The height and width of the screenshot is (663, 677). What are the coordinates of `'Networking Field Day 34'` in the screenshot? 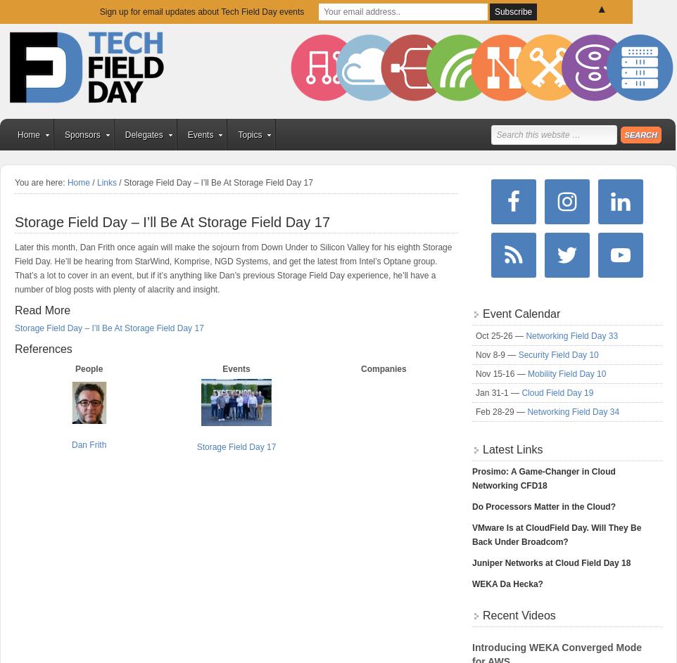 It's located at (572, 411).